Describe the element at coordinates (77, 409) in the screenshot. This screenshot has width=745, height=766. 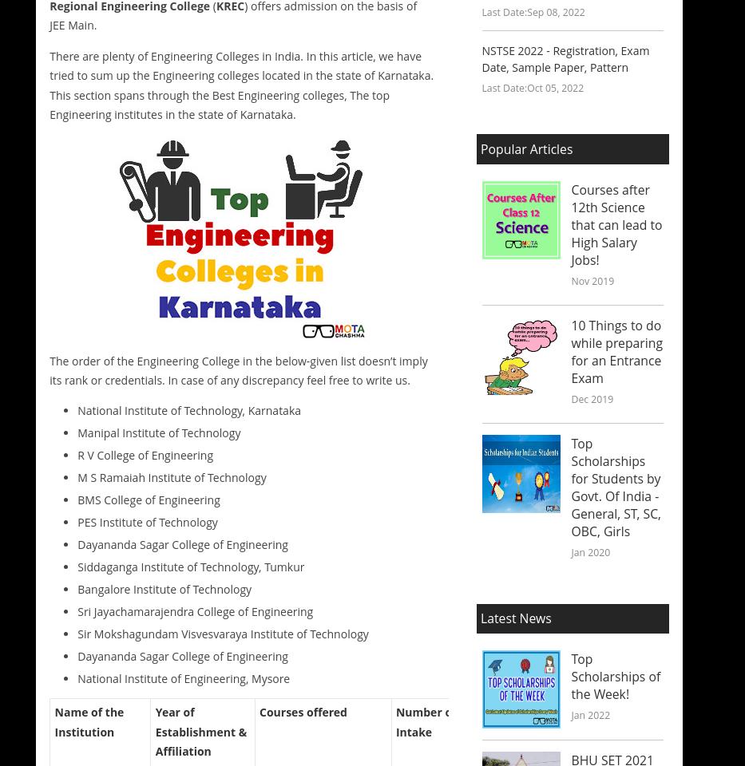
I see `'National Institute of Technology, Karnataka'` at that location.